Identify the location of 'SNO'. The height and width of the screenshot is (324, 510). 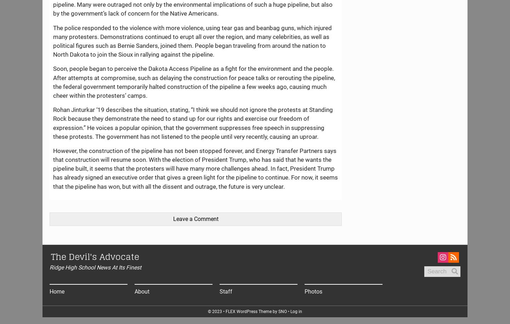
(283, 311).